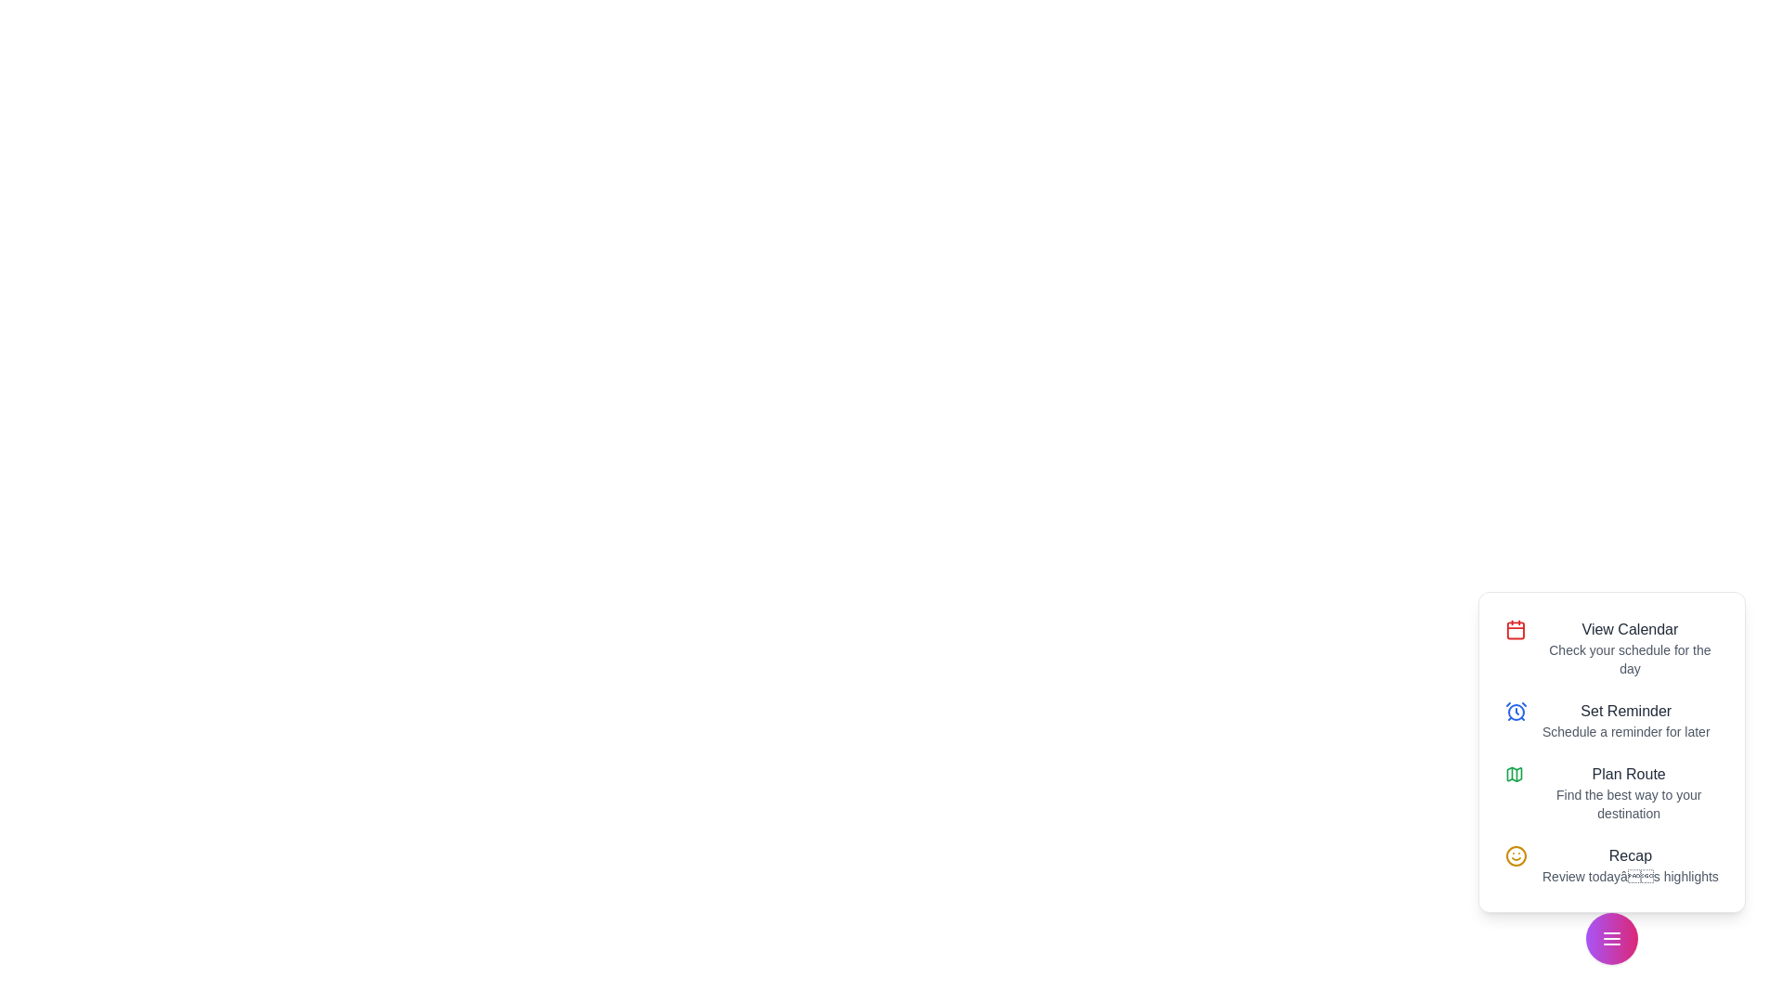 The height and width of the screenshot is (1002, 1783). I want to click on the Plan Route icon to perform the corresponding action, so click(1515, 774).